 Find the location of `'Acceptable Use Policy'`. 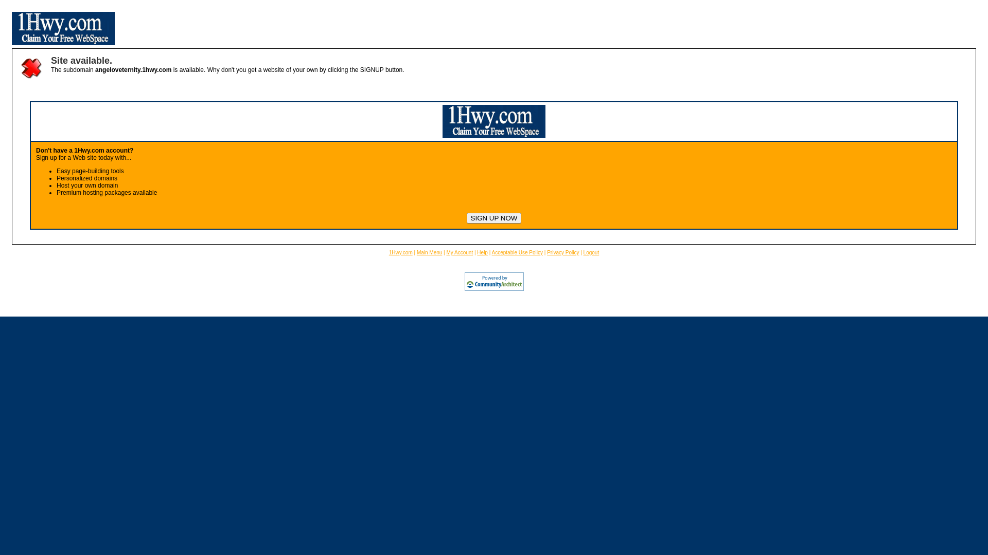

'Acceptable Use Policy' is located at coordinates (518, 252).